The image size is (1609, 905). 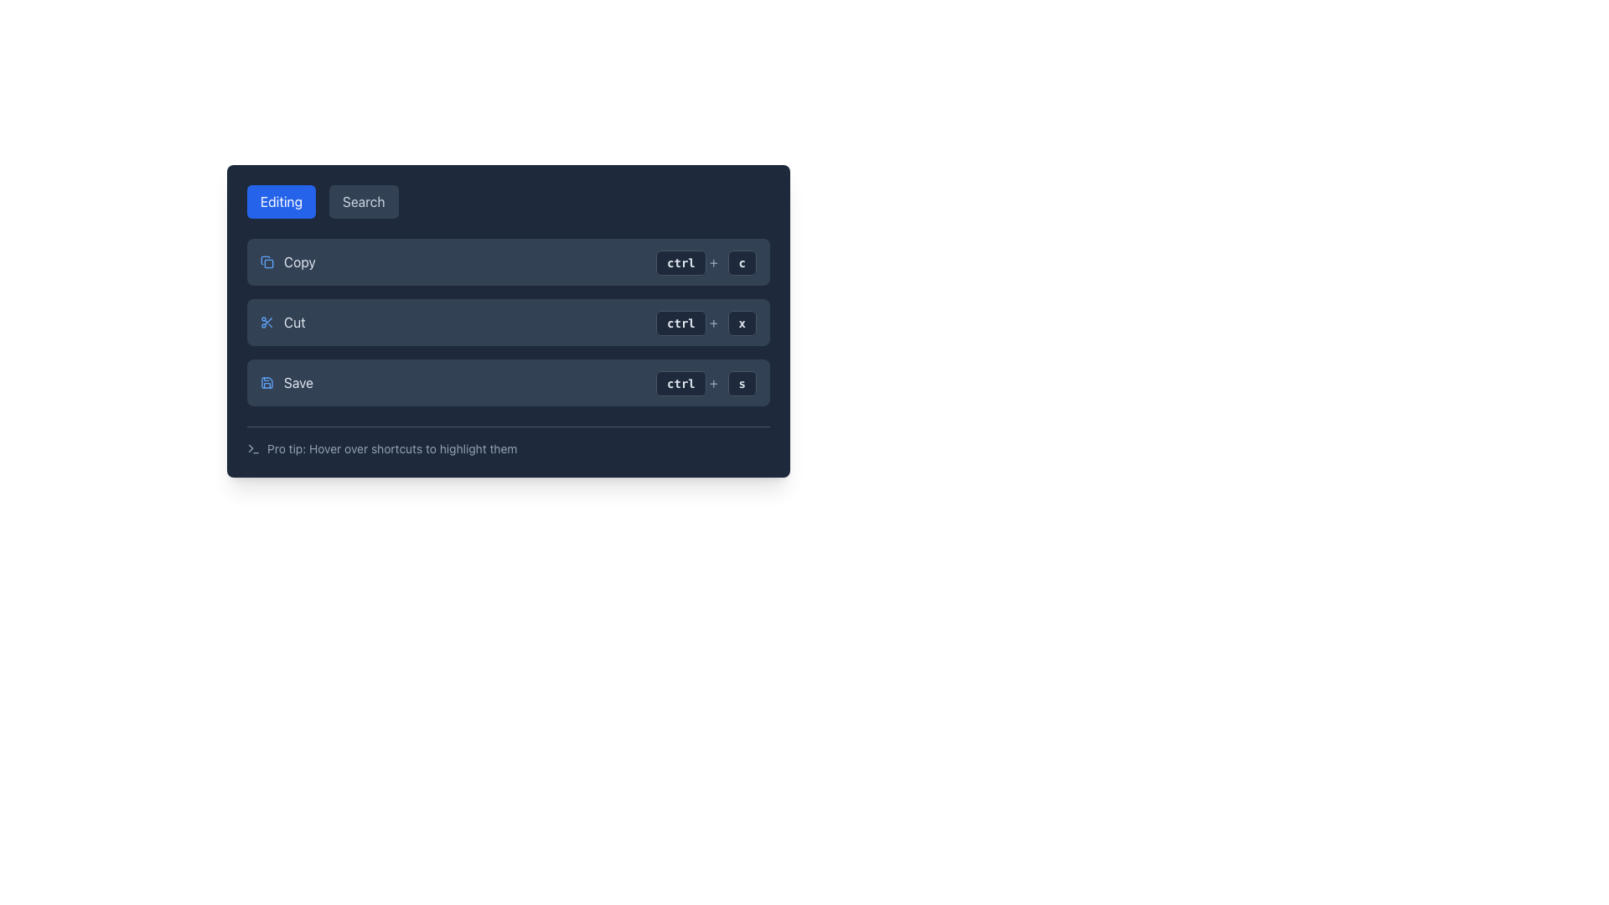 I want to click on the Display row for shortcut instructions labeled 'Cut' with the keyboard shortcut 'ctrl + x' for further interaction, so click(x=507, y=323).